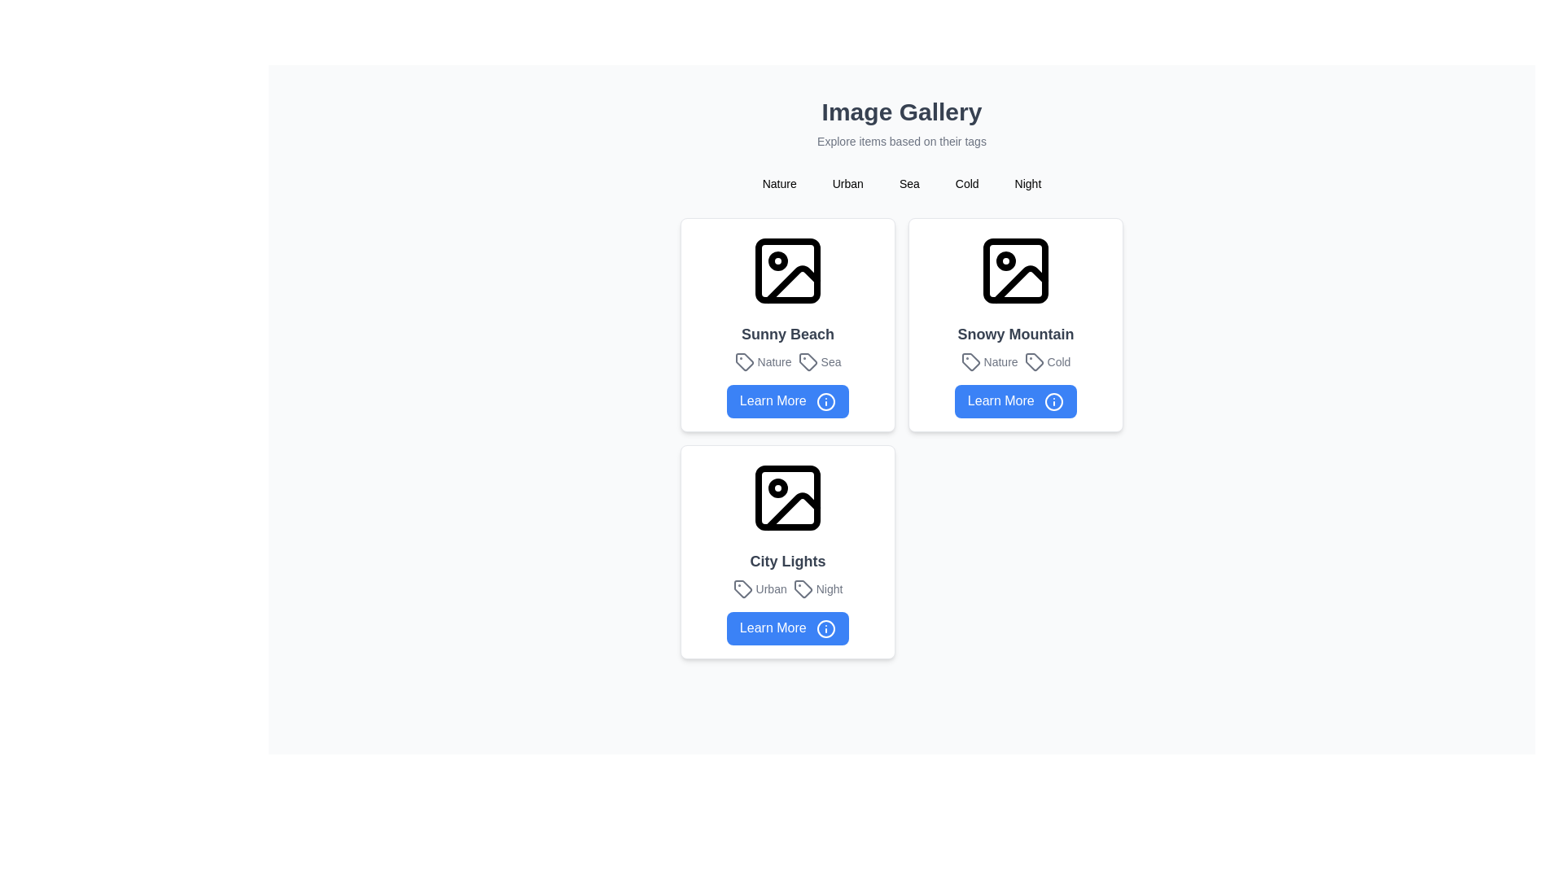 The height and width of the screenshot is (879, 1563). What do you see at coordinates (988, 361) in the screenshot?
I see `the label 'Nature' which is positioned to the right of a small tag icon in the 'Snowy Mountain' card located in the 'Image Gallery' layout` at bounding box center [988, 361].